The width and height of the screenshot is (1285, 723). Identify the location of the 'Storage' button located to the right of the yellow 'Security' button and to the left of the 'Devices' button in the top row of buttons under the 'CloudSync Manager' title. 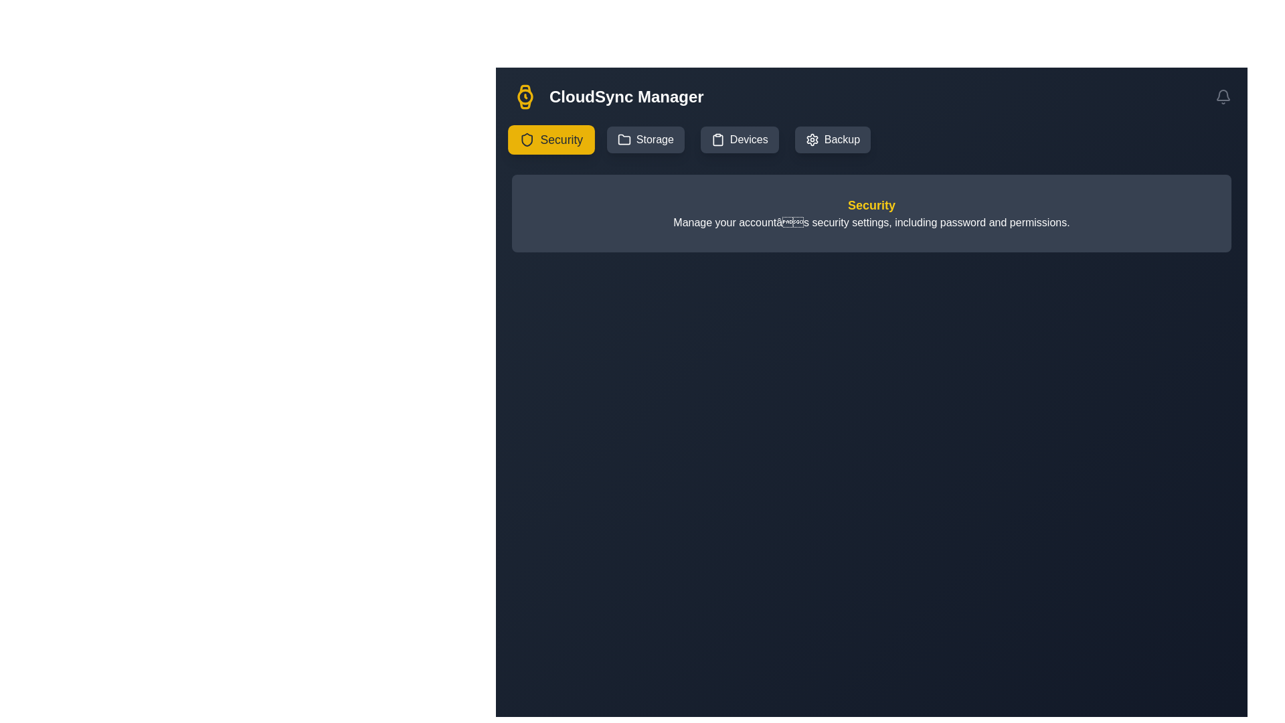
(645, 139).